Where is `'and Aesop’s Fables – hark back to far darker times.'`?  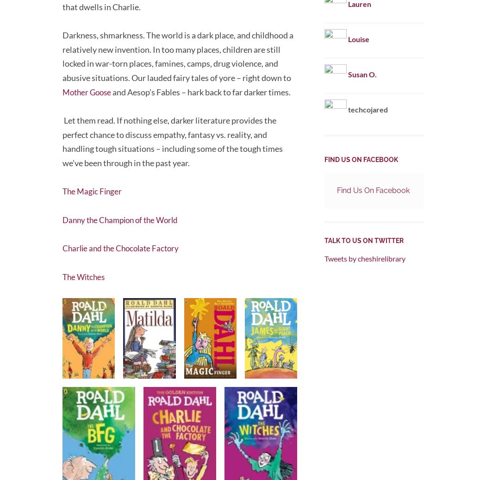
'and Aesop’s Fables – hark back to far darker times.' is located at coordinates (204, 90).